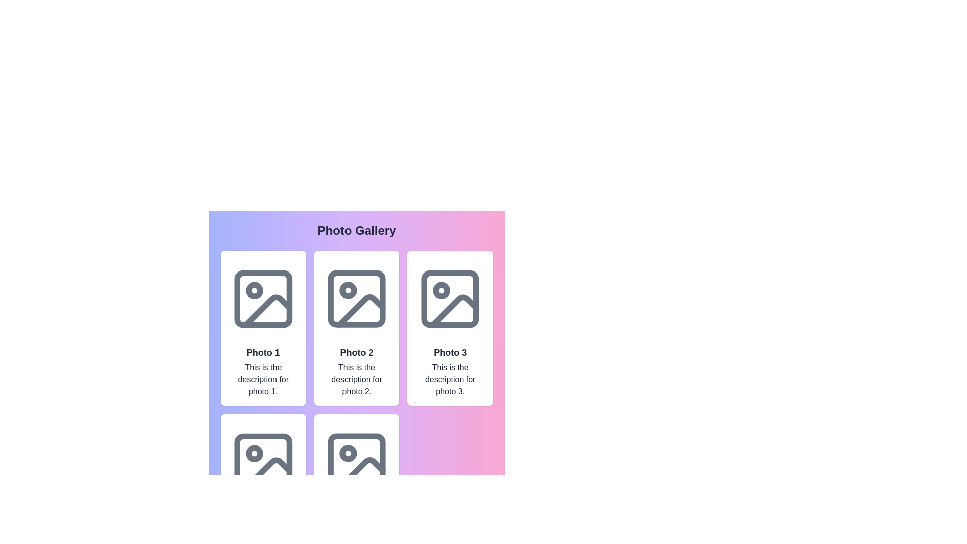 The height and width of the screenshot is (544, 967). I want to click on the photo graphic containing the small rounded rectangle element located in the top-left corner of the photo grid by clicking on it, so click(263, 299).